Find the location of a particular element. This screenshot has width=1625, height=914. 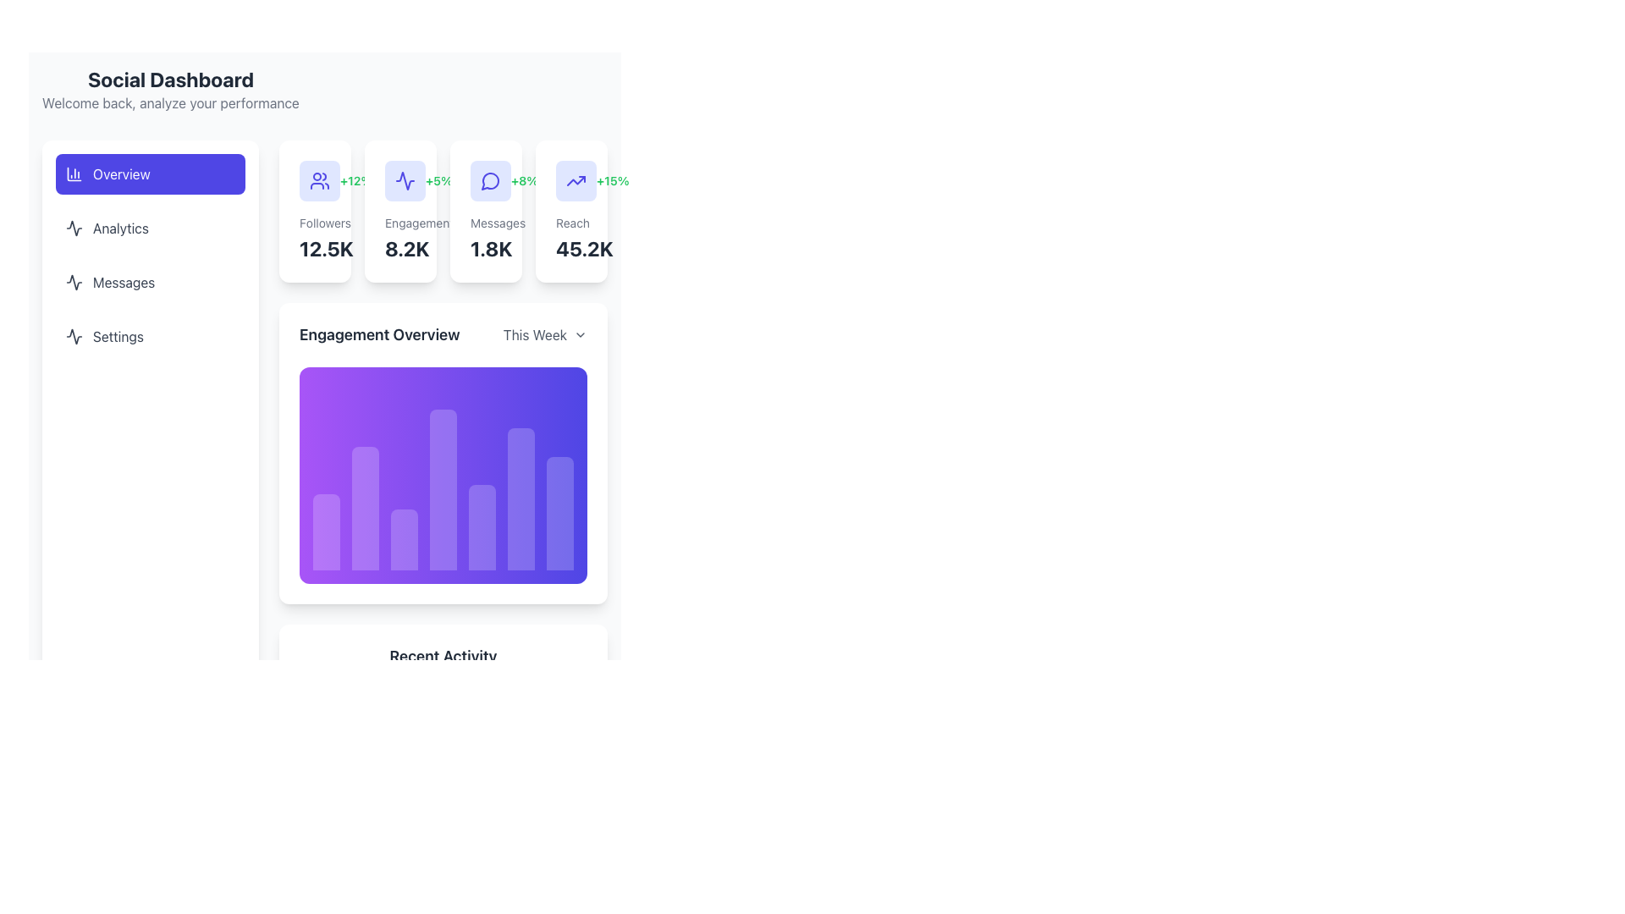

label that describes the reach metric, positioned above the numerical value '45.2K' within the card UI block is located at coordinates (571, 222).